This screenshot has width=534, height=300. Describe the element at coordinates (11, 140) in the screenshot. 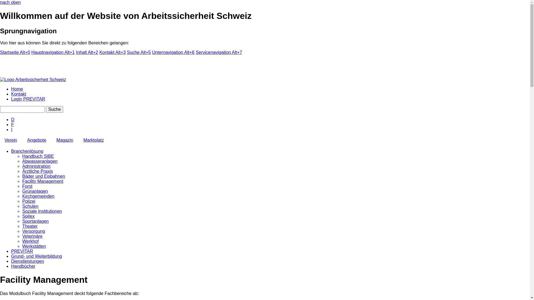

I see `'Verein'` at that location.